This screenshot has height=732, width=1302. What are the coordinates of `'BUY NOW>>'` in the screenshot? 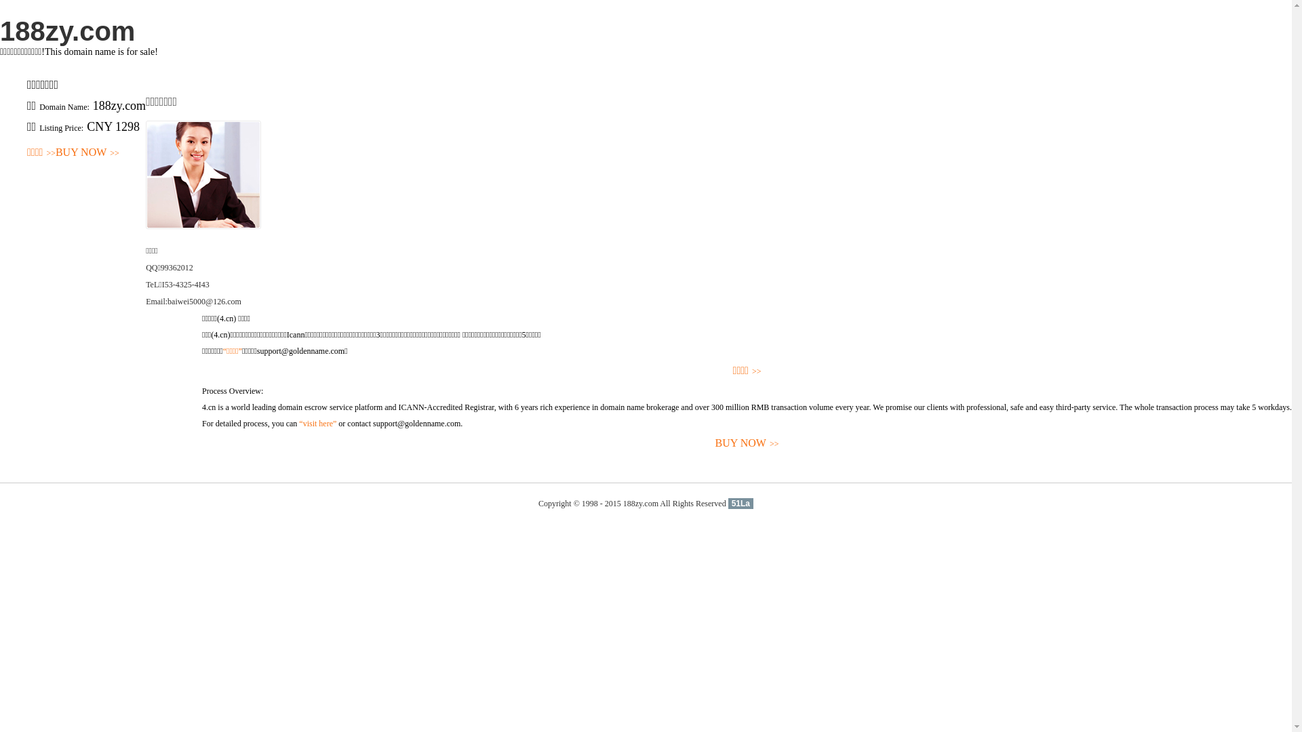 It's located at (87, 152).